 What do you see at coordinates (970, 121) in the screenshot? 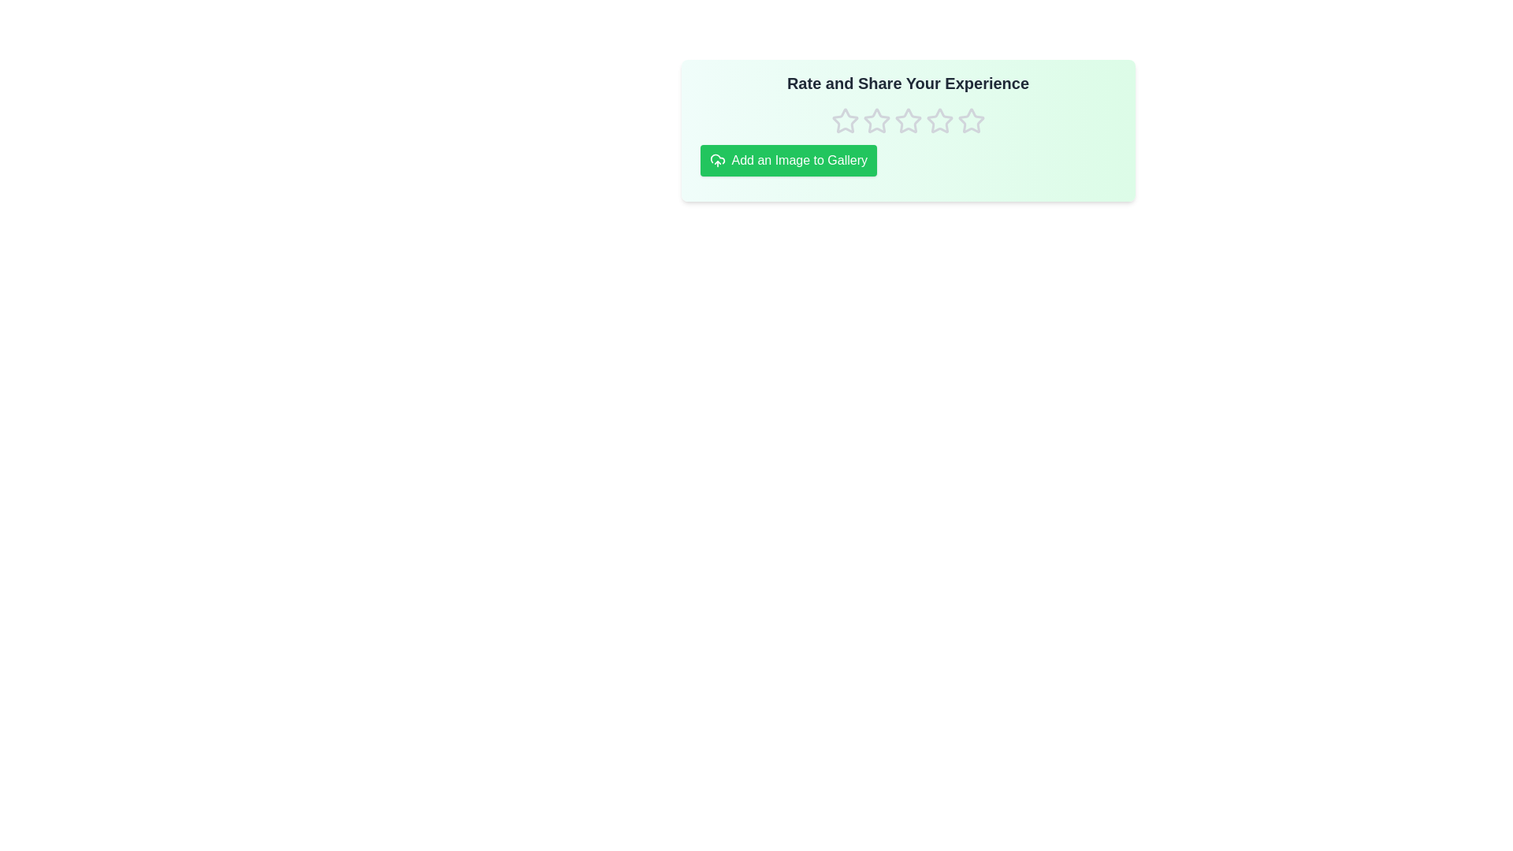
I see `the rating to 5 stars by clicking on the corresponding star` at bounding box center [970, 121].